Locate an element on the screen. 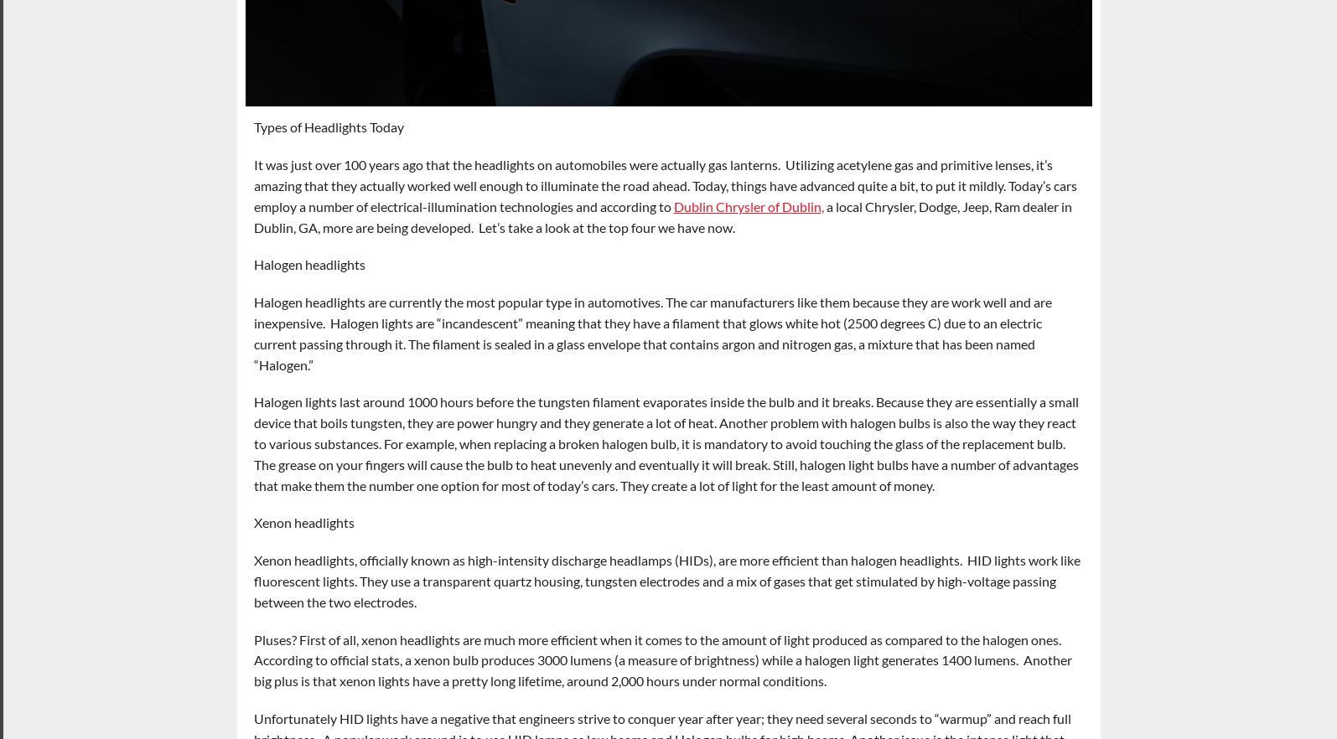  'Halogen headlights are currently the most popular type in automotives. The car manufacturers like them because they are work well and are inexpensive.  Halogen lights are “incandescent” meaning that they have a filament that glows white hot (2500 degrees C) due to an electric current passing through it. The filament is sealed in a glass envelope that contains argon and nitrogen gas, a mixture that has been named “Halogen.”' is located at coordinates (252, 333).